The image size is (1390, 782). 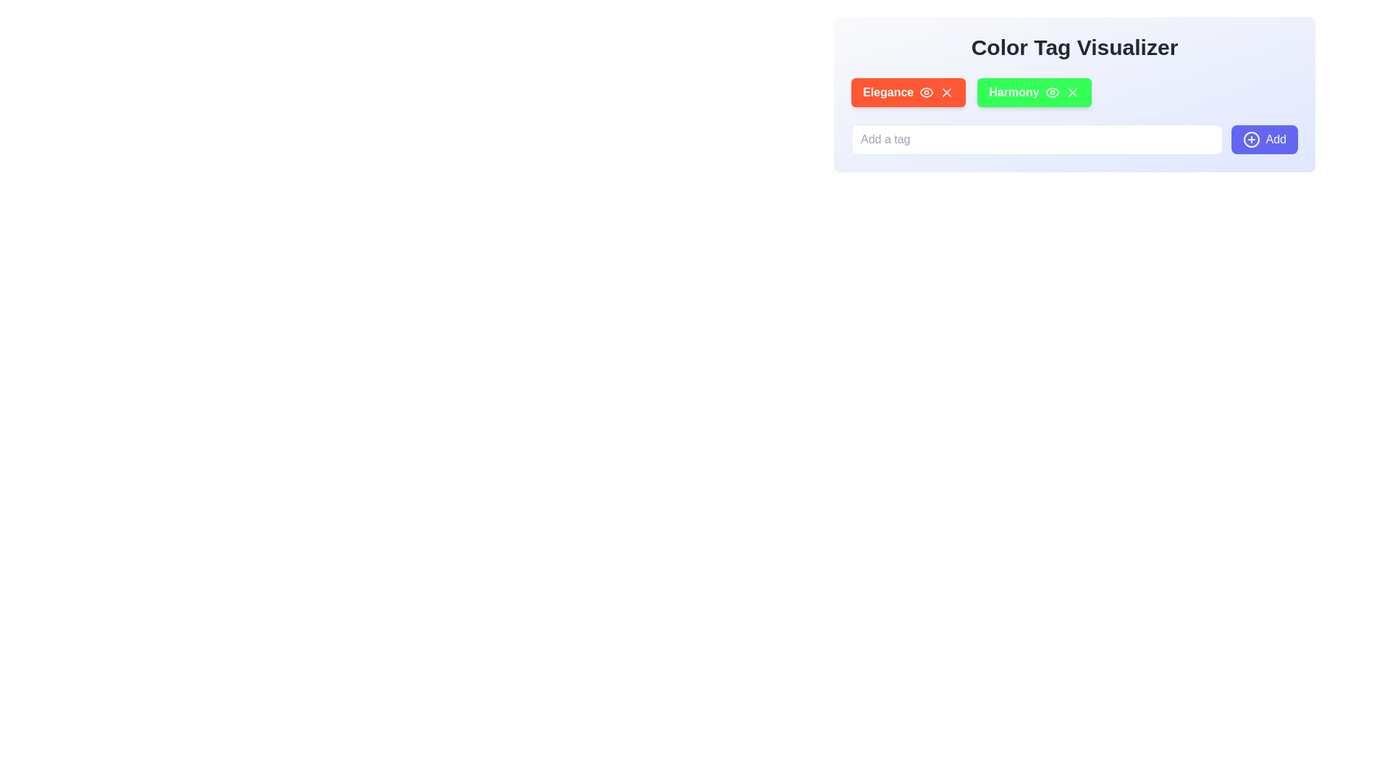 What do you see at coordinates (1052, 92) in the screenshot?
I see `the icon located to the right of the text on the 'Harmony' button within the 'Color Tag Visualizer' section` at bounding box center [1052, 92].